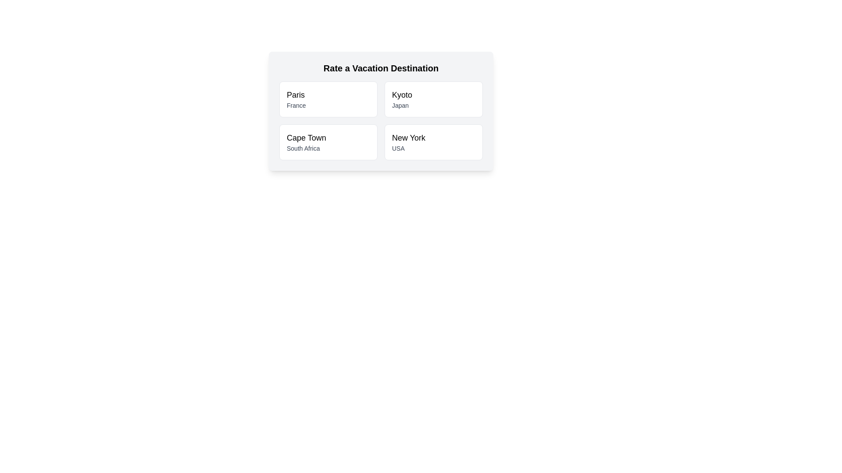  Describe the element at coordinates (328, 141) in the screenshot. I see `on the interactive card representing 'Cape Town, South Africa', located in the bottom-left position of the grid` at that location.